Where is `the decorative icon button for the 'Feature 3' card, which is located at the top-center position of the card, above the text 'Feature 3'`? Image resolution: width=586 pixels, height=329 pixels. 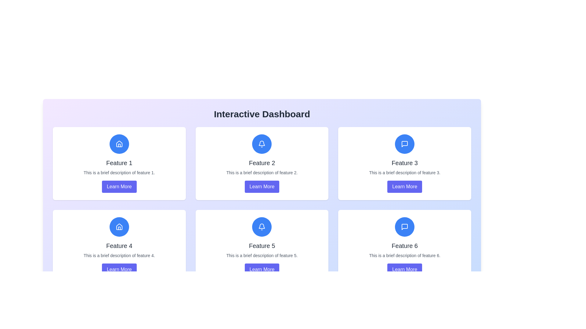 the decorative icon button for the 'Feature 3' card, which is located at the top-center position of the card, above the text 'Feature 3' is located at coordinates (405, 144).